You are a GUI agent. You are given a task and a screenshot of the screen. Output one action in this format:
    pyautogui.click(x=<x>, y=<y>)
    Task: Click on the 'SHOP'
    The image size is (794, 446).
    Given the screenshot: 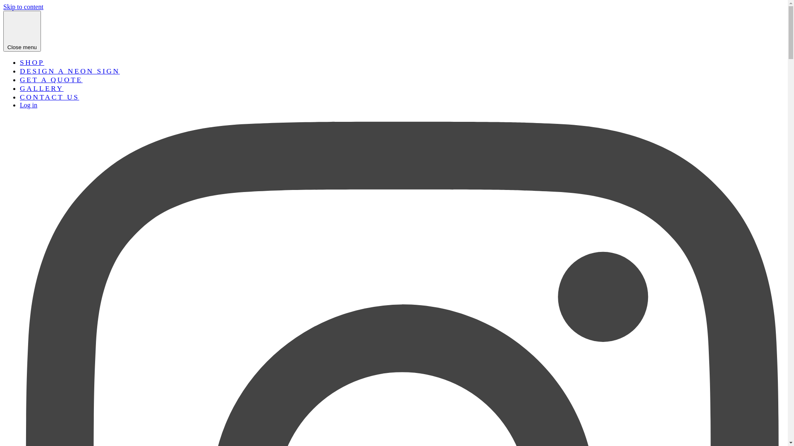 What is the action you would take?
    pyautogui.click(x=32, y=62)
    